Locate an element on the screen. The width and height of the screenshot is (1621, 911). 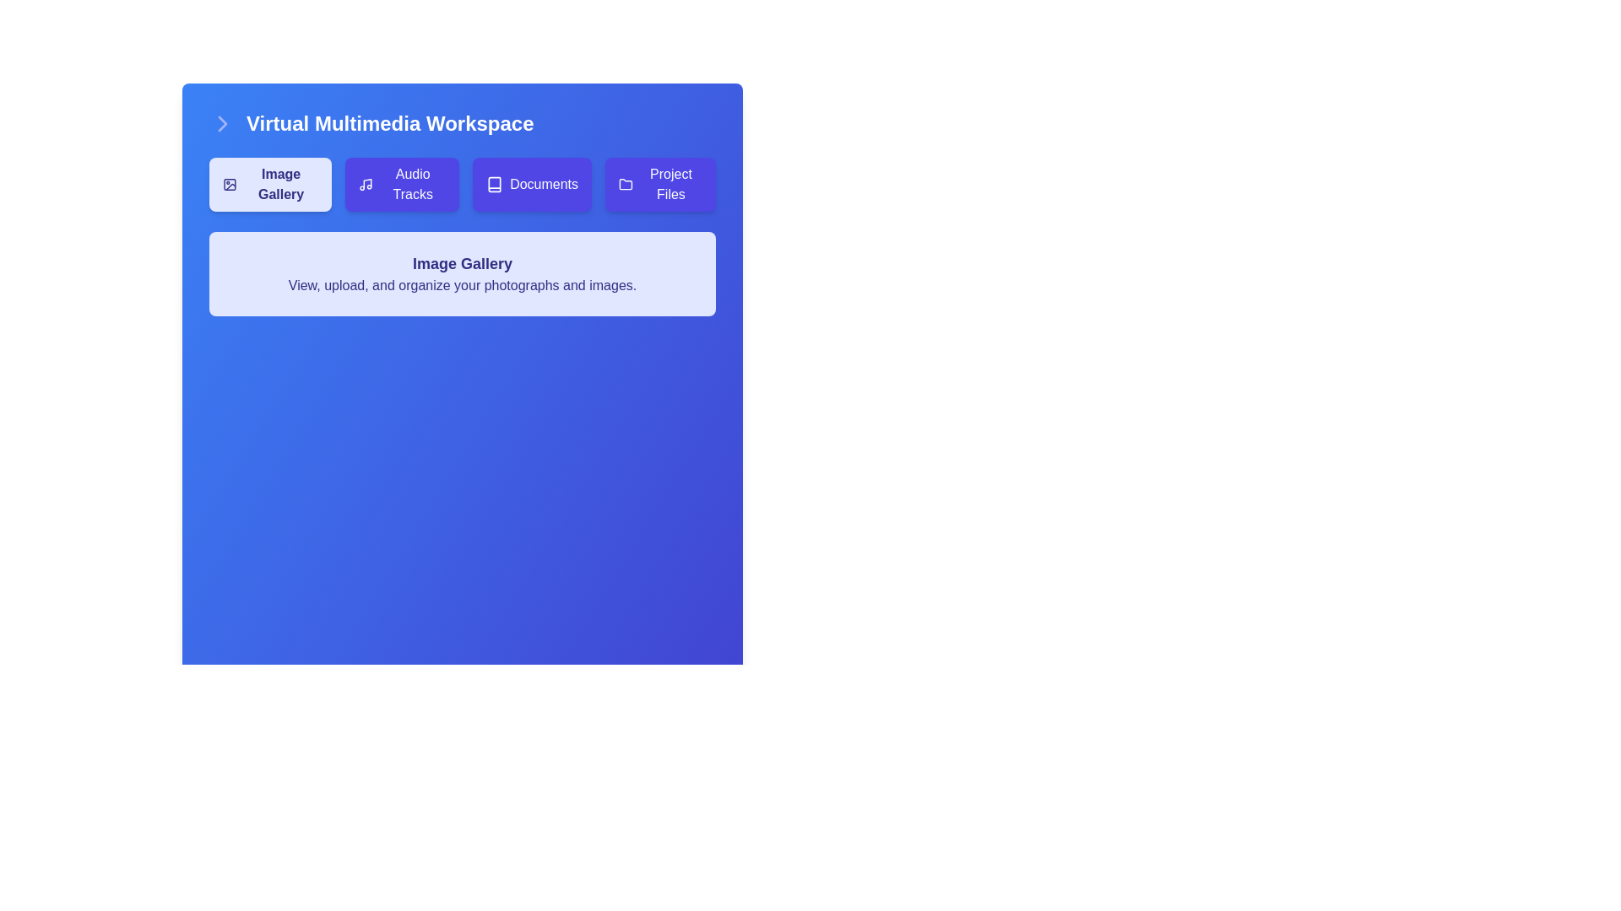
text block titled 'Image Gallery' which includes the description 'View, upload, and organize your photographs and images.' This text block is centered in a light indigo background below the 'Virtual Multimedia Workspace' header is located at coordinates (462, 272).